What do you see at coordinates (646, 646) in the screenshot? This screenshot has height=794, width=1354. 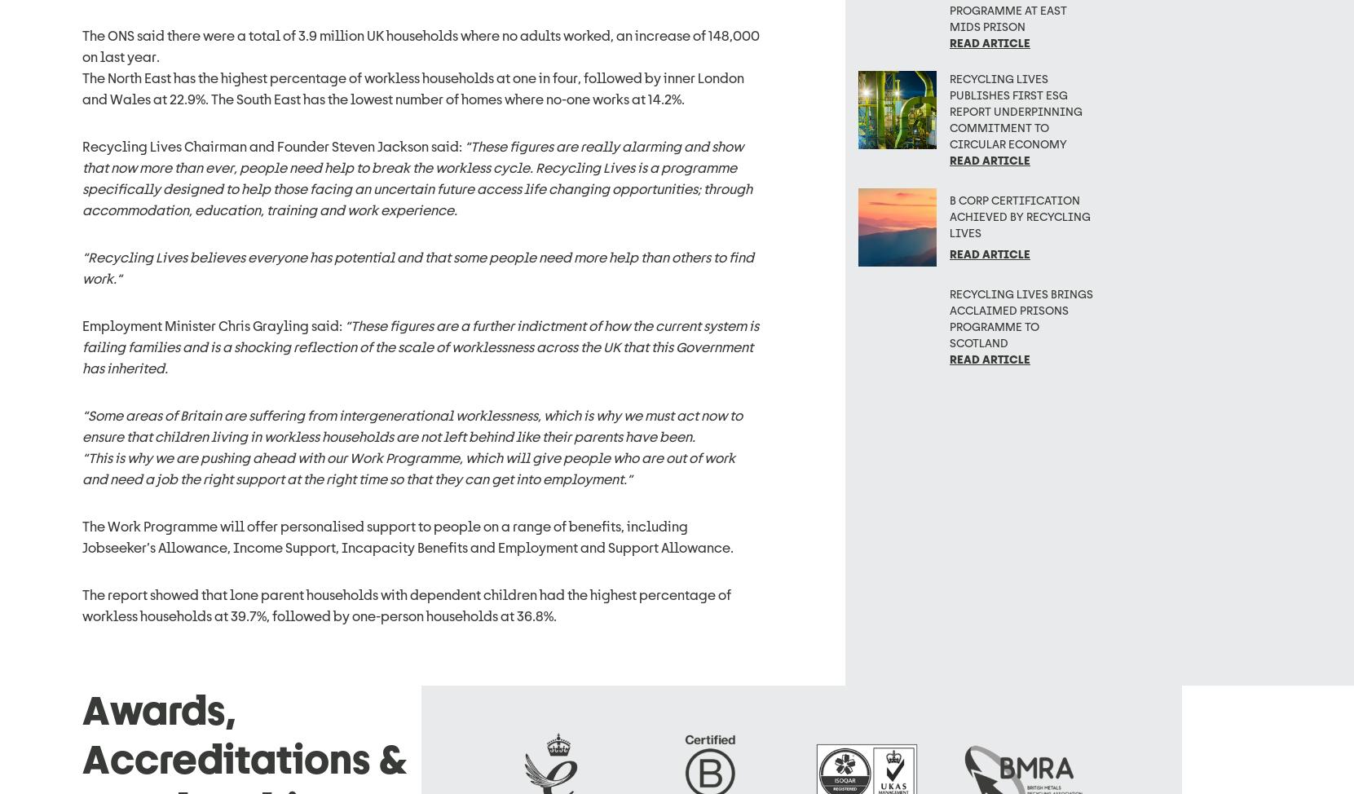 I see `'Inclusive Rehabilitation'` at bounding box center [646, 646].